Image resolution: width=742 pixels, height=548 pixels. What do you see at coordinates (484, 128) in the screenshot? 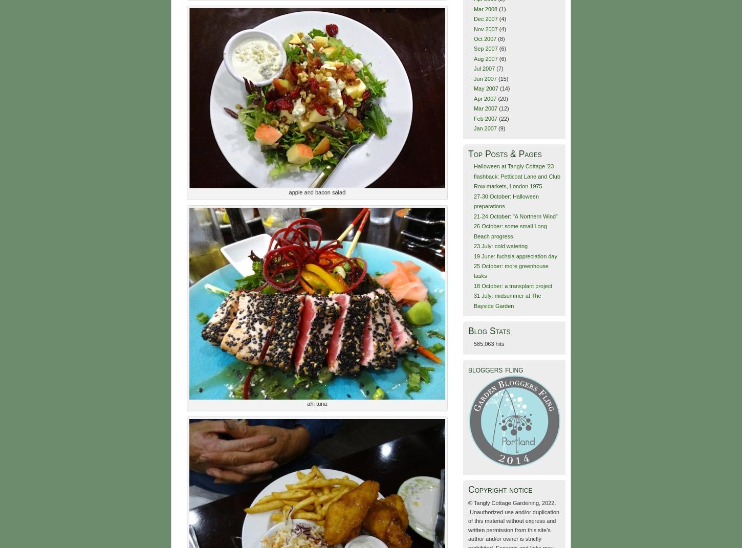
I see `'Jan 2007'` at bounding box center [484, 128].